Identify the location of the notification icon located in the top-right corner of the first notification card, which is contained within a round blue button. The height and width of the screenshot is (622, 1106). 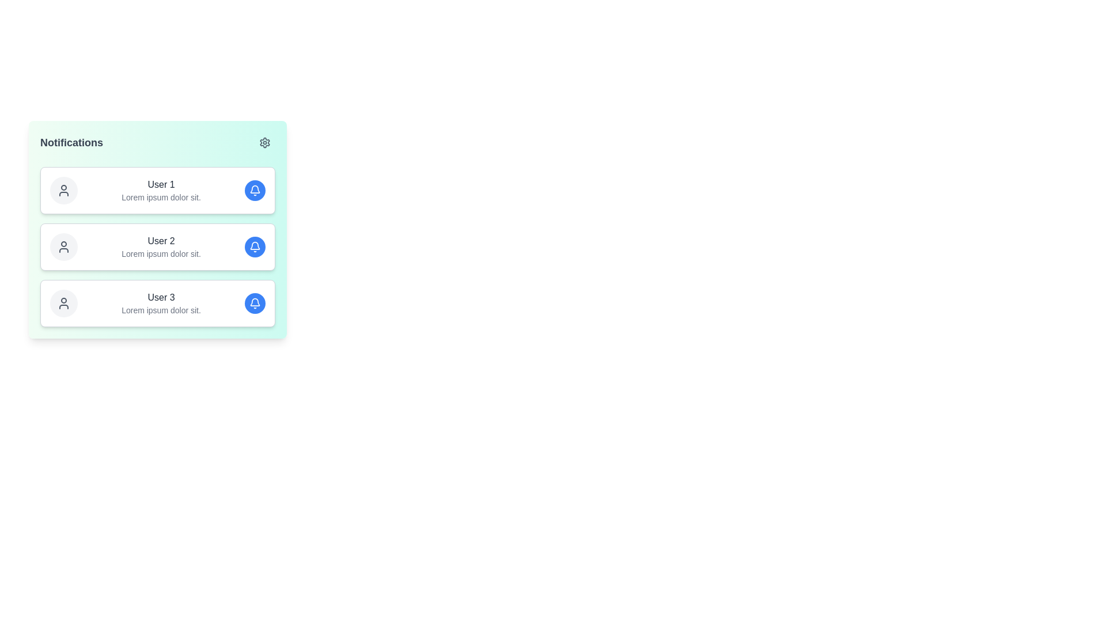
(254, 190).